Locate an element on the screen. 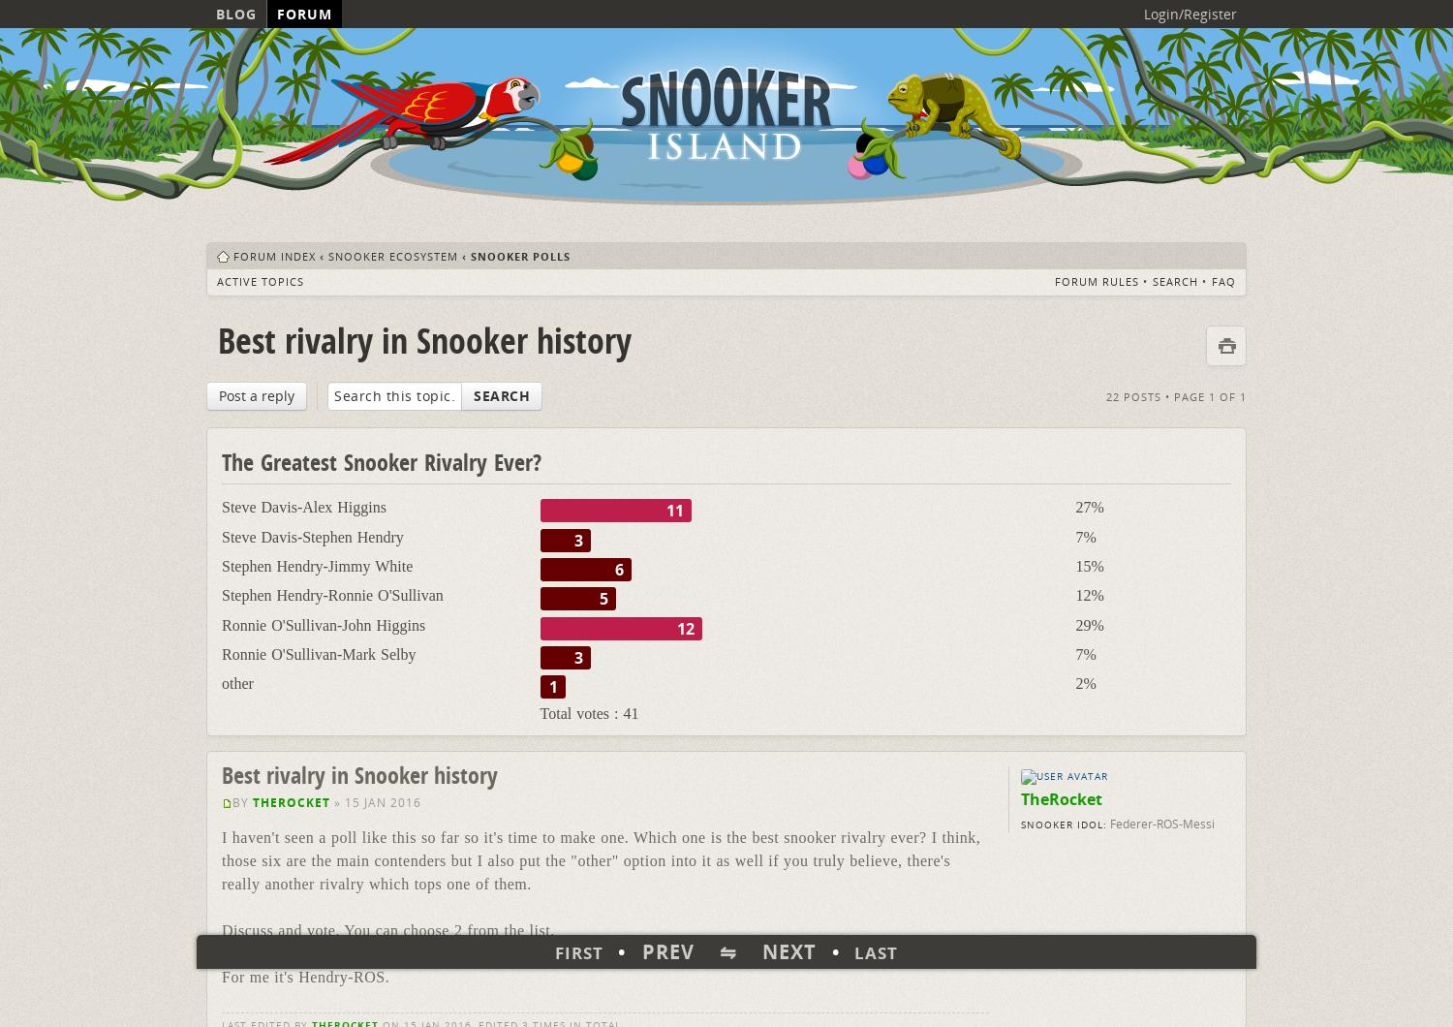 The width and height of the screenshot is (1453, 1027). 'Stephen Hendry-Jimmy White' is located at coordinates (316, 565).